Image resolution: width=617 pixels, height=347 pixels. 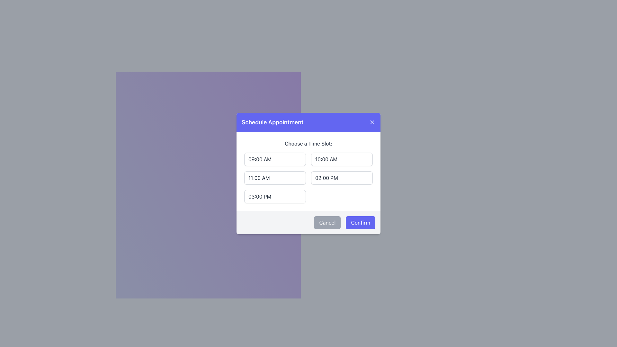 What do you see at coordinates (275, 159) in the screenshot?
I see `the button for the 09:00 AM time slot in the 'Schedule Appointment' dialog box` at bounding box center [275, 159].